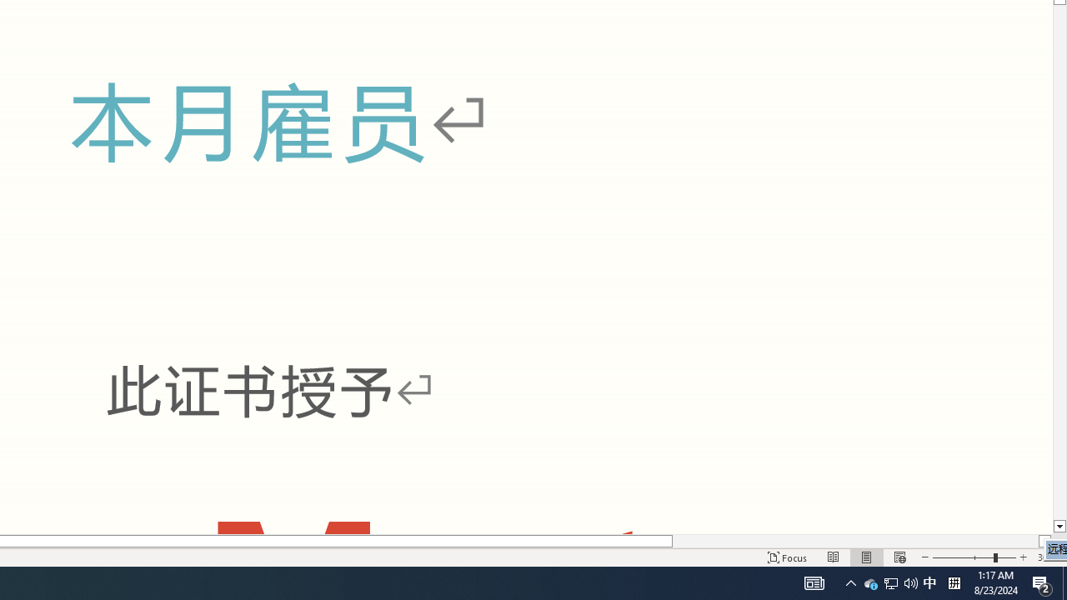  What do you see at coordinates (1048, 557) in the screenshot?
I see `'Zoom 308%'` at bounding box center [1048, 557].